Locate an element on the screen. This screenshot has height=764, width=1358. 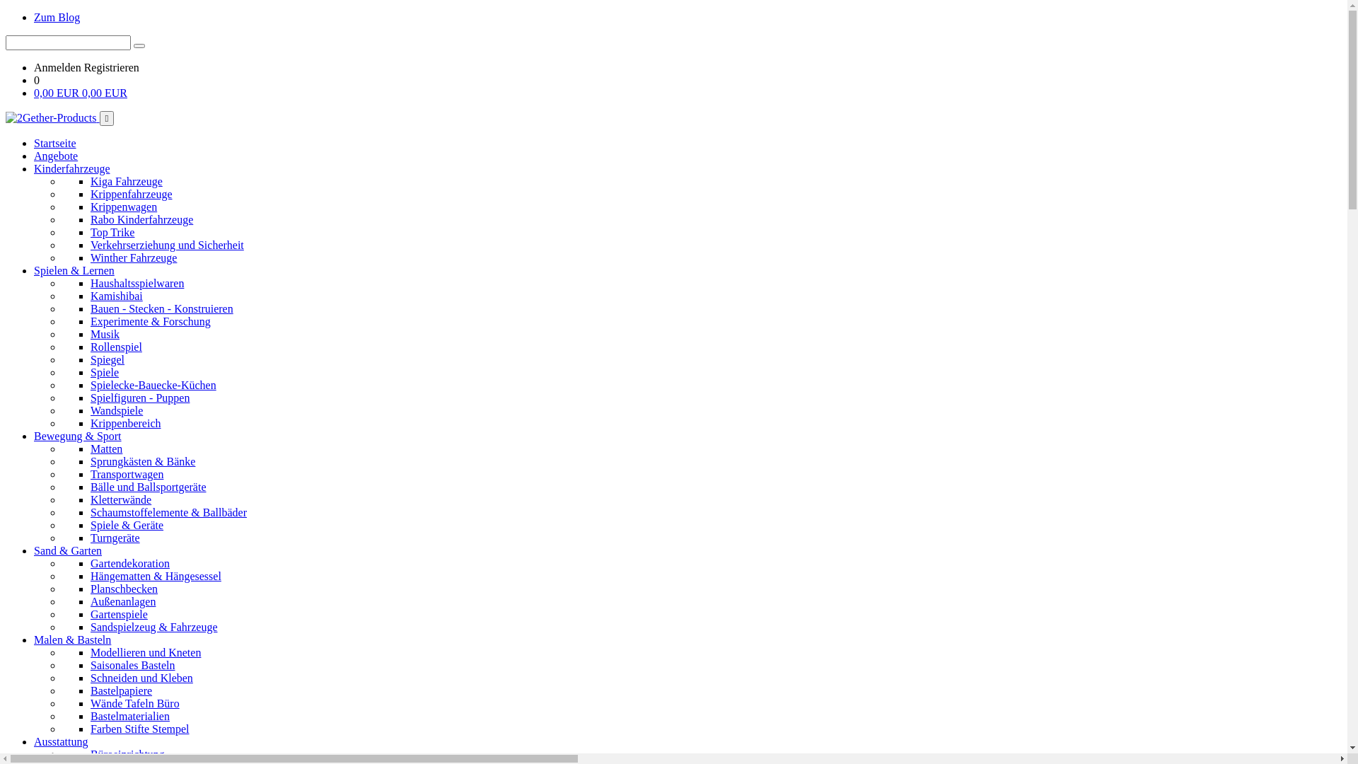
'Registrieren' is located at coordinates (83, 67).